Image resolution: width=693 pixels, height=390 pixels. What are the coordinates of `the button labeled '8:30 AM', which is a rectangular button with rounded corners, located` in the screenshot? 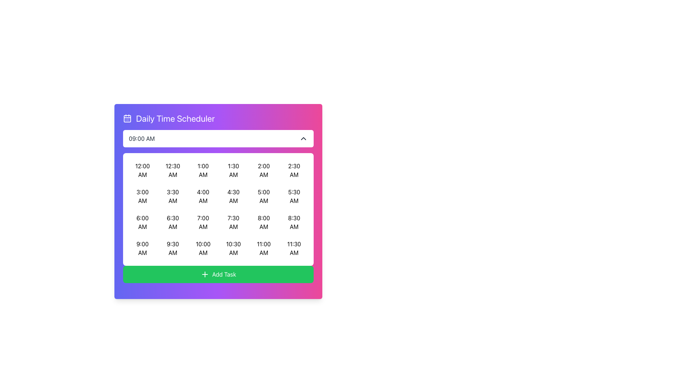 It's located at (294, 222).